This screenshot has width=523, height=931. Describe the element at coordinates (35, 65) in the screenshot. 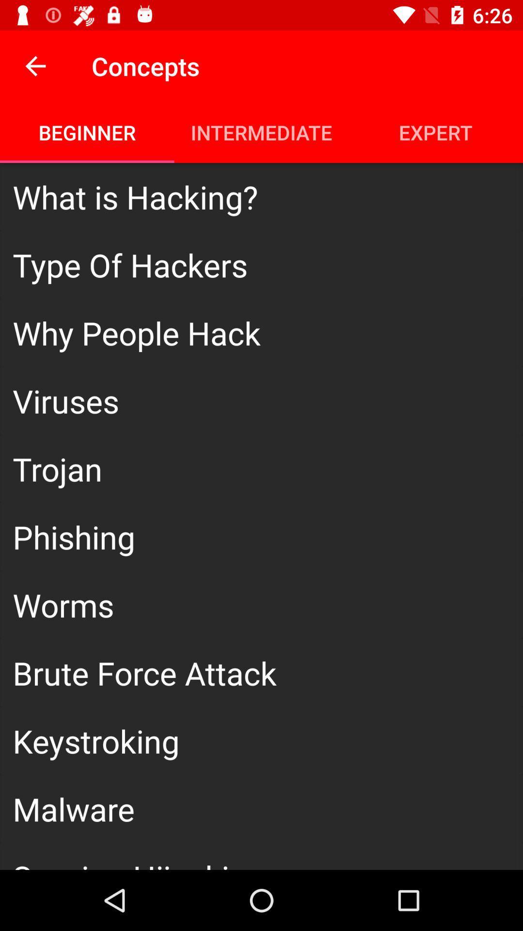

I see `the icon above beginner` at that location.